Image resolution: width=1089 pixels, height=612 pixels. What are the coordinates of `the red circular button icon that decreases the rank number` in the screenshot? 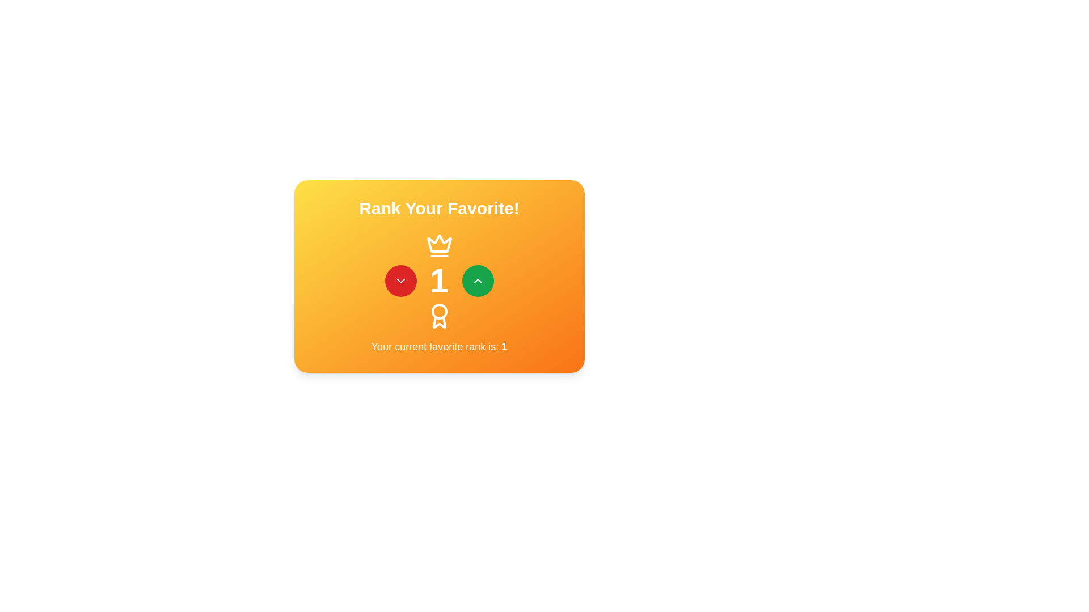 It's located at (400, 280).